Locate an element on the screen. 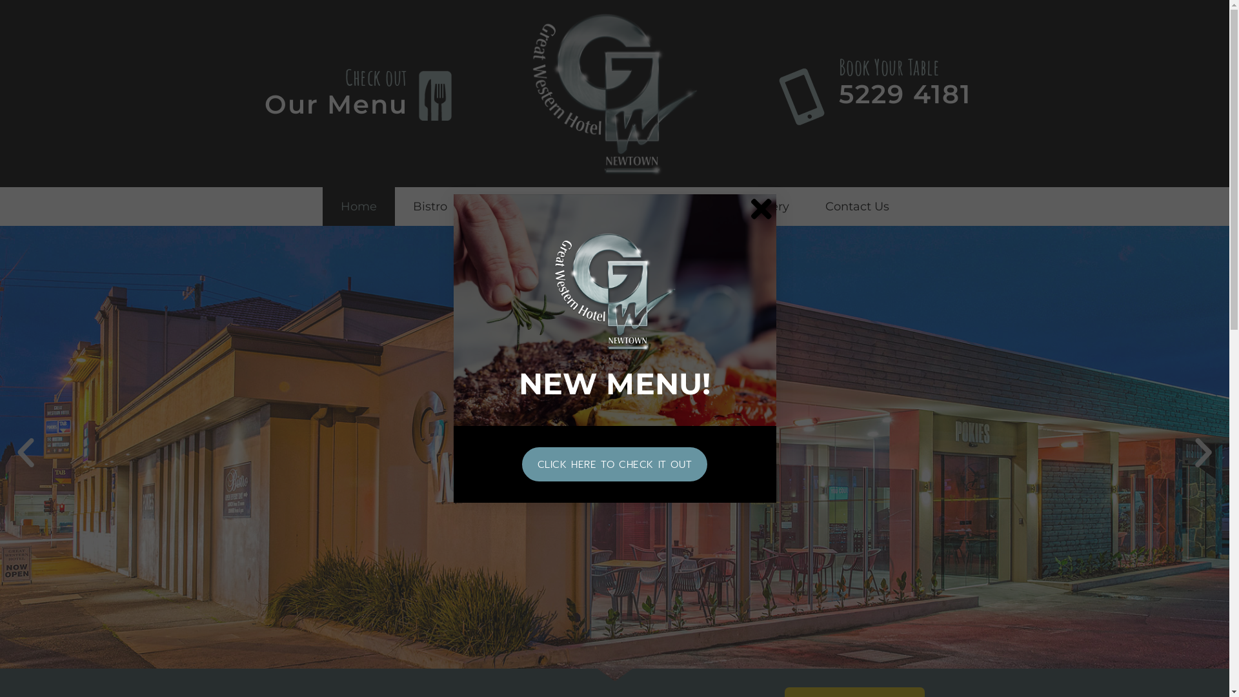 The height and width of the screenshot is (697, 1239). 'Bottle Shop' is located at coordinates (625, 206).